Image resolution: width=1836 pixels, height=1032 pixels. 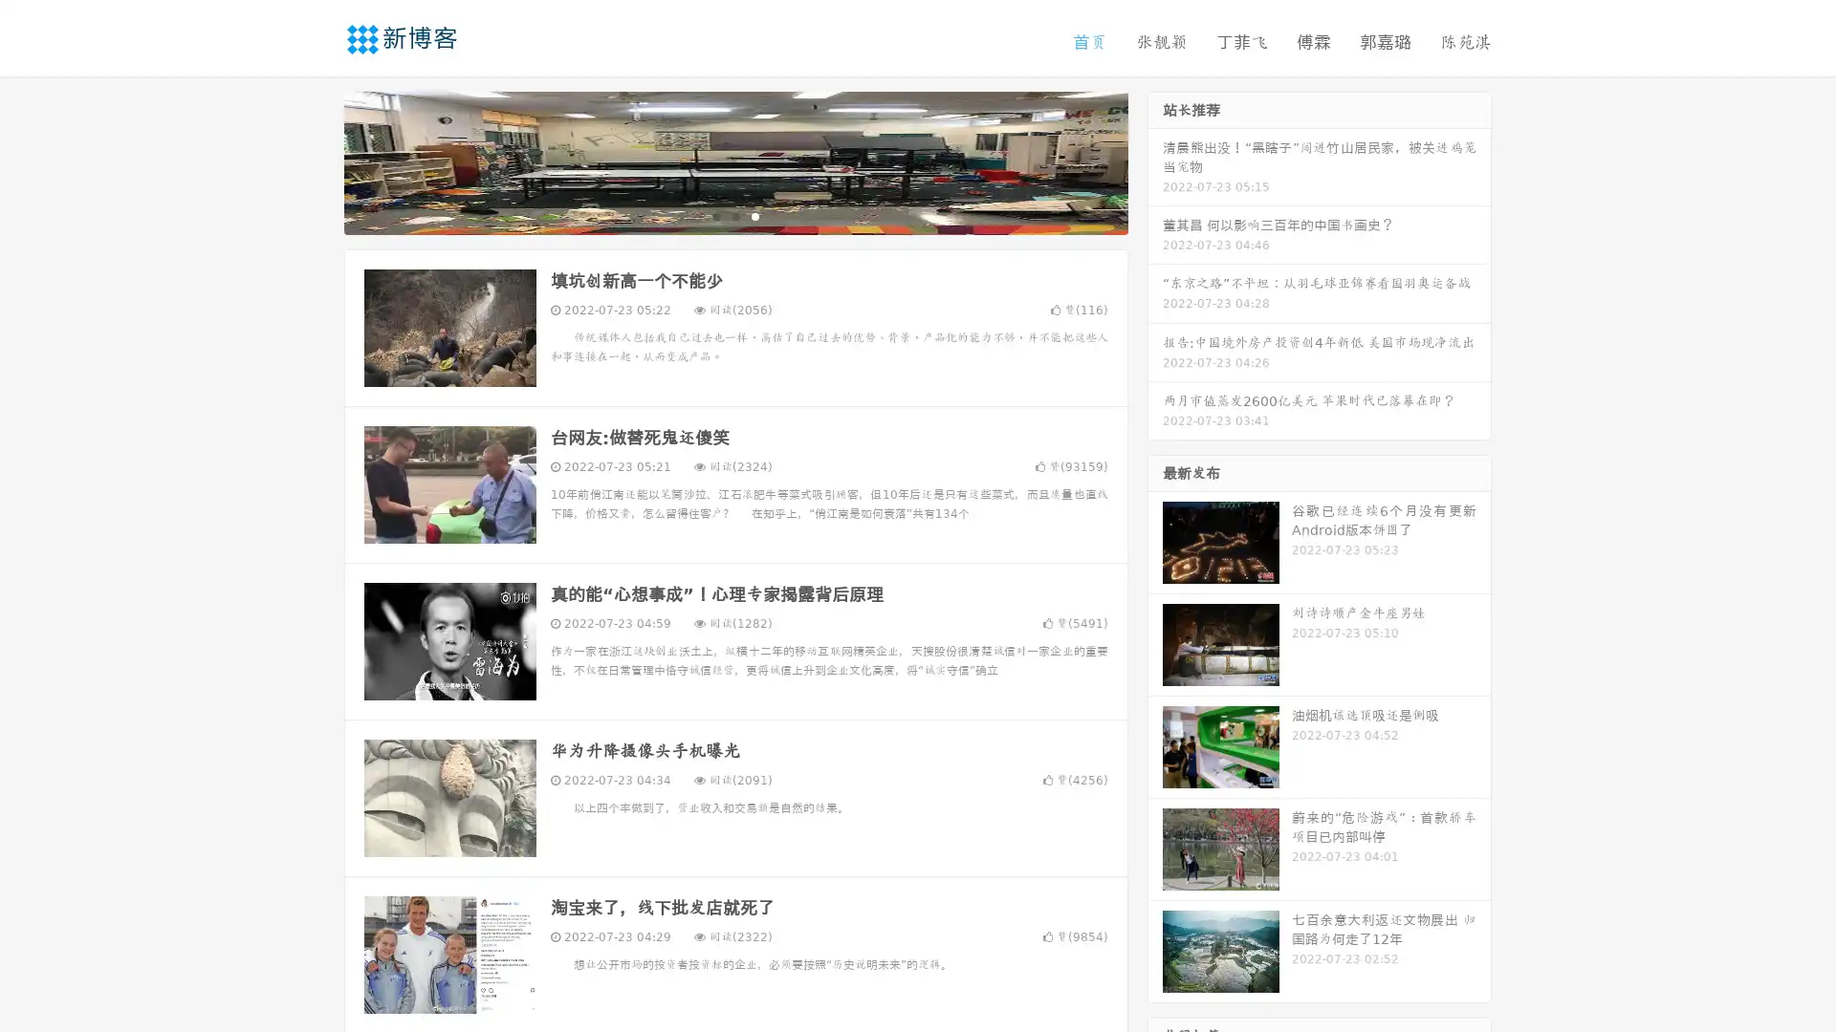 What do you see at coordinates (734, 215) in the screenshot?
I see `Go to slide 2` at bounding box center [734, 215].